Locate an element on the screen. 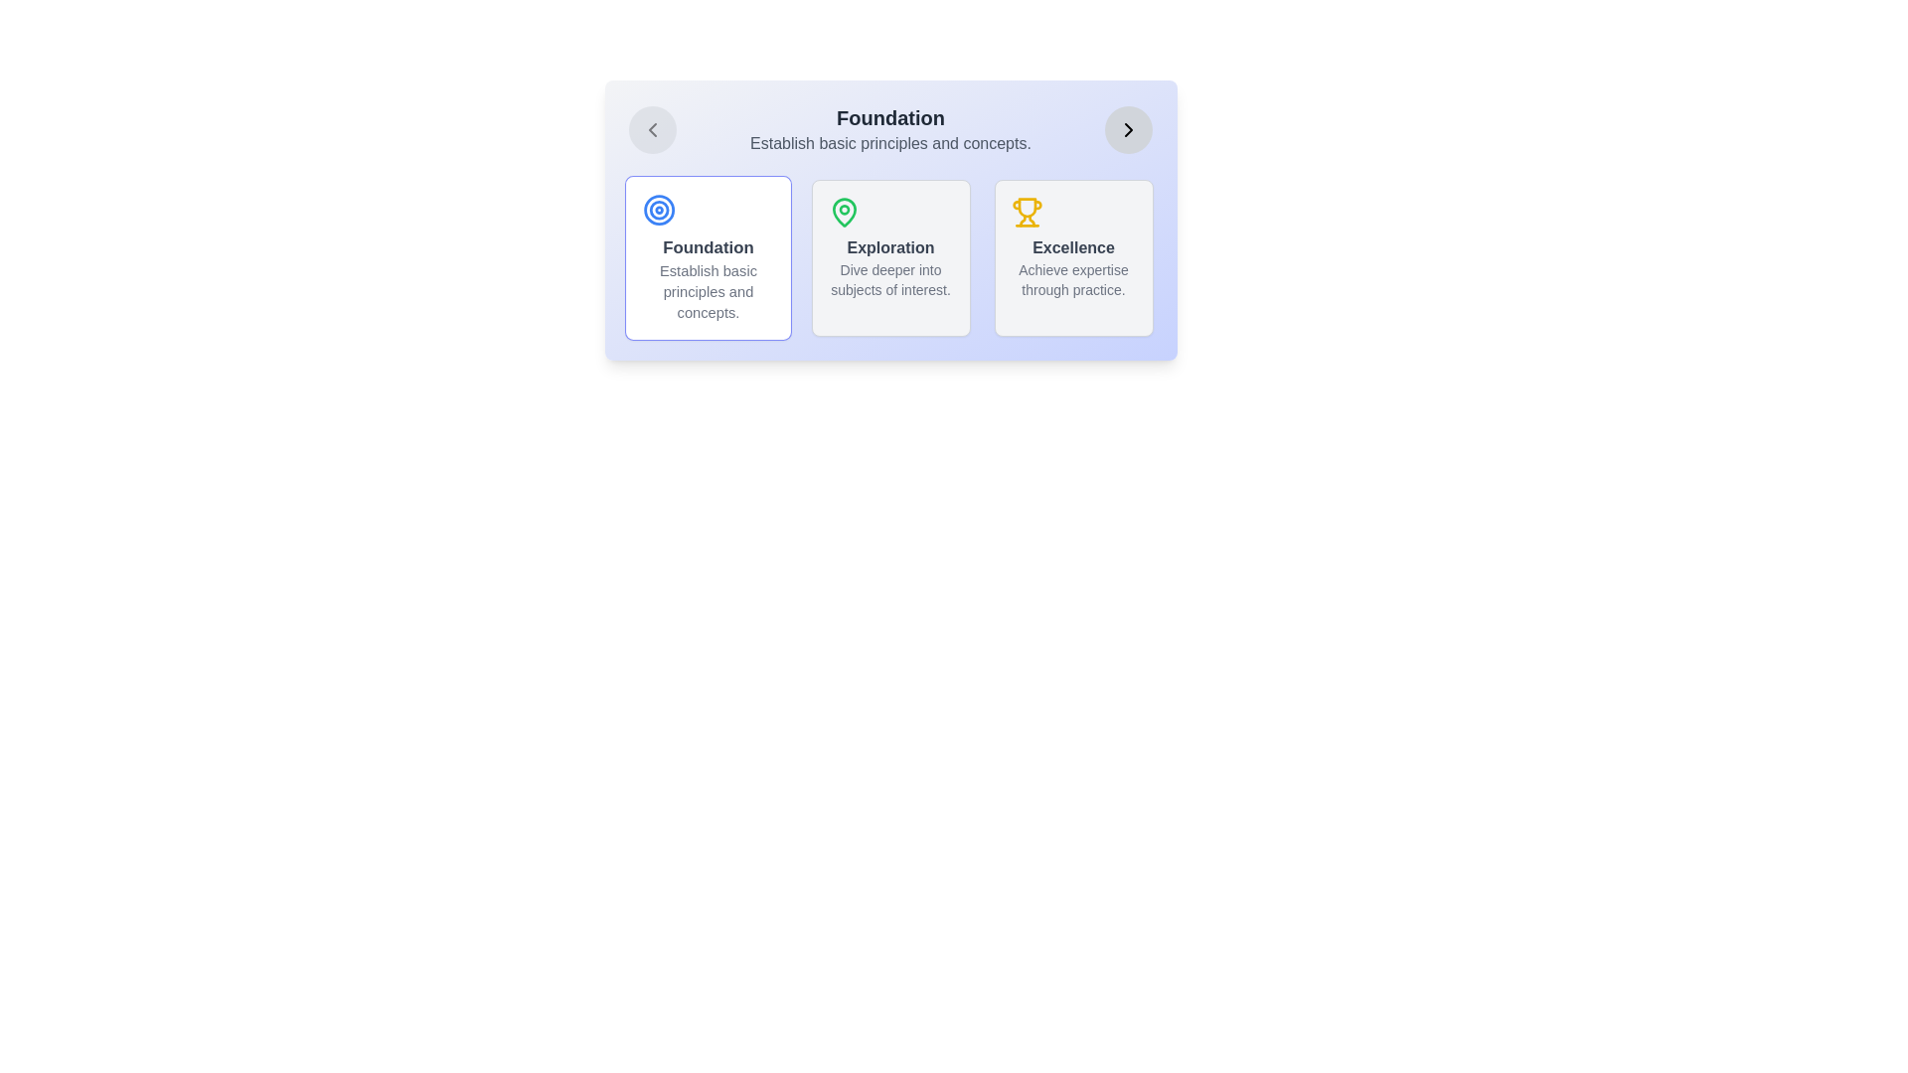  the circular target icon with concentric blue rings located above the text 'Foundation' in the card layout for interaction is located at coordinates (659, 210).